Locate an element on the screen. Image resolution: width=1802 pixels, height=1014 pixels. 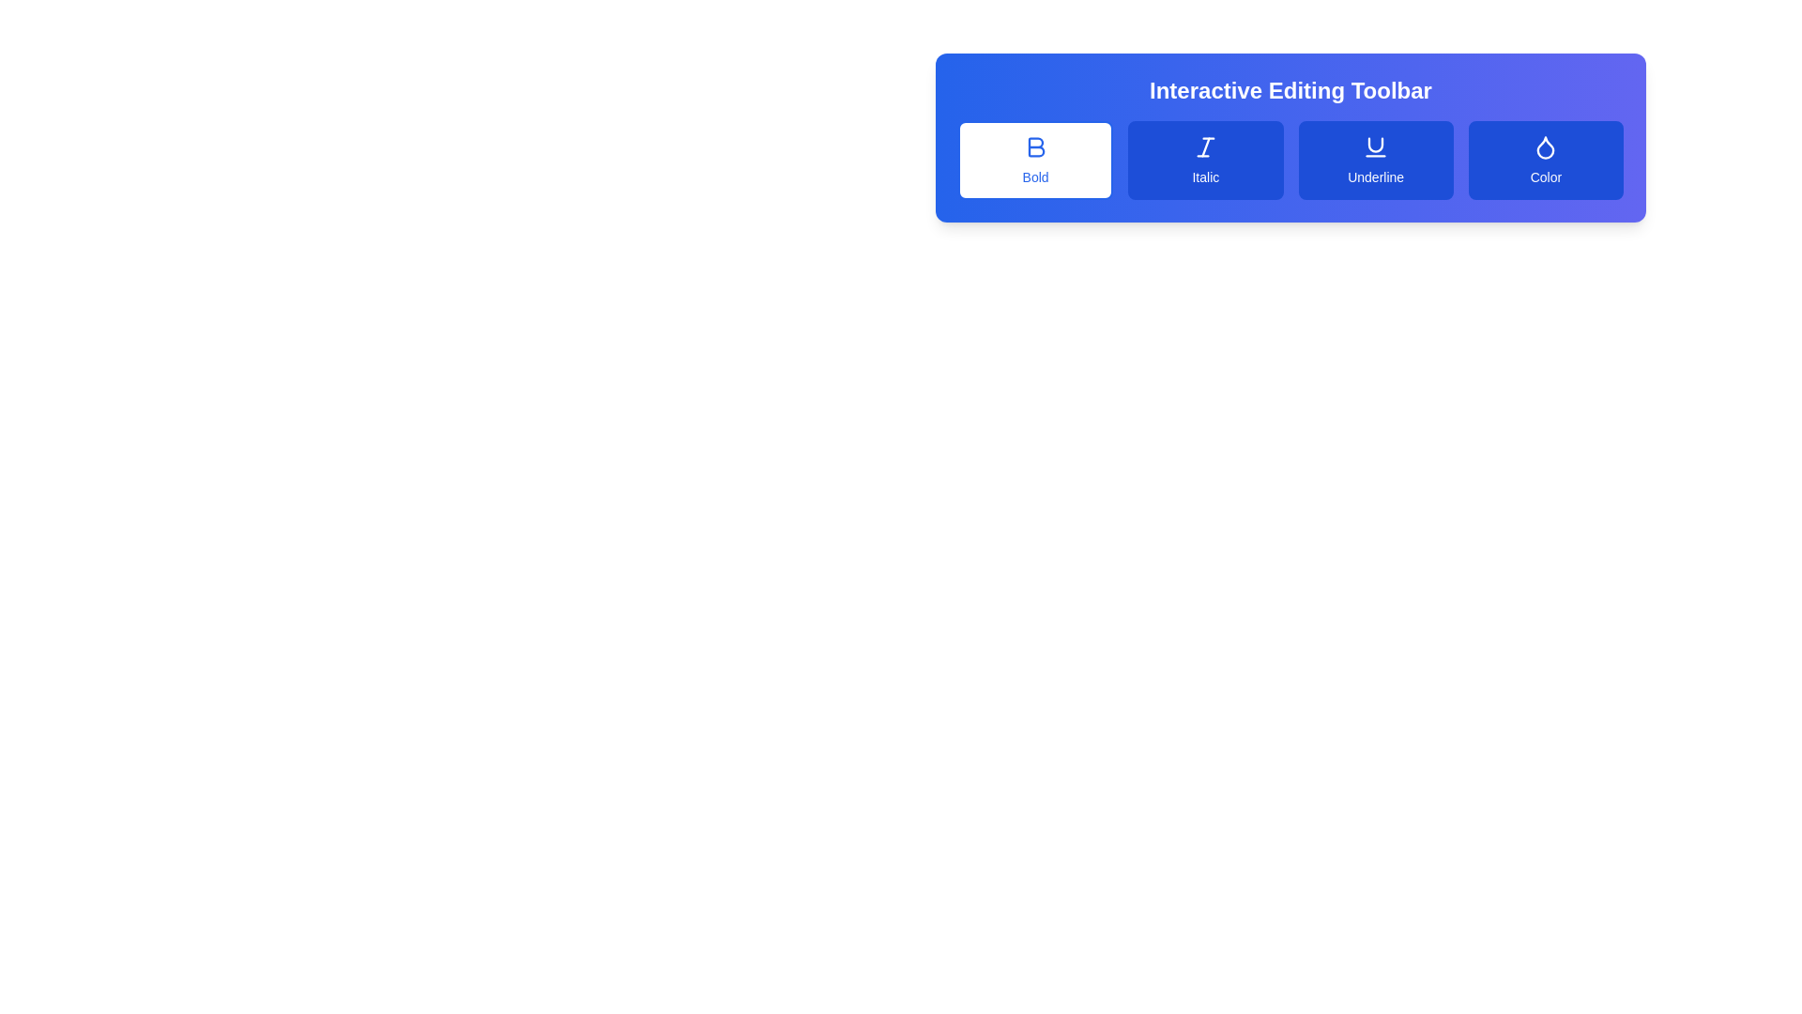
the Interactive Editing Toolbar located at the top-right area of the interface is located at coordinates (1290, 136).